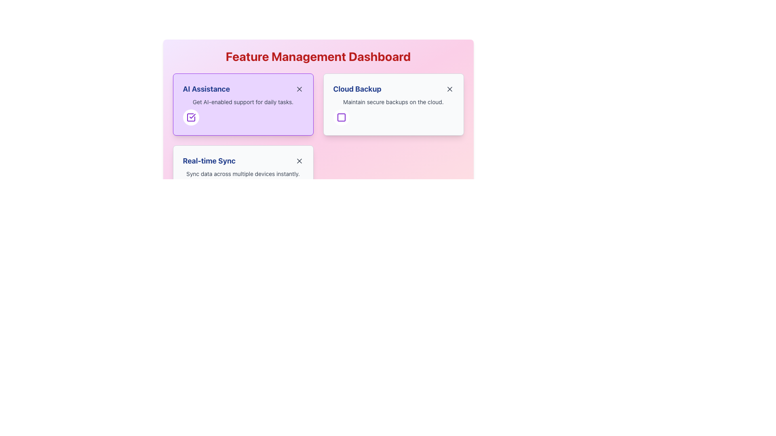 The width and height of the screenshot is (776, 436). What do you see at coordinates (242, 102) in the screenshot?
I see `descriptive text label about the 'AI Assistance' feature located in the card under the title 'AI Assistance', positioned above the interactive toggle button` at bounding box center [242, 102].